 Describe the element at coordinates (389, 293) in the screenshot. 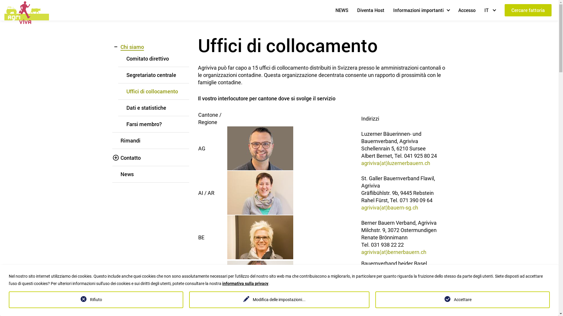

I see `'claudia.rossi[at]bvbb.ch'` at that location.